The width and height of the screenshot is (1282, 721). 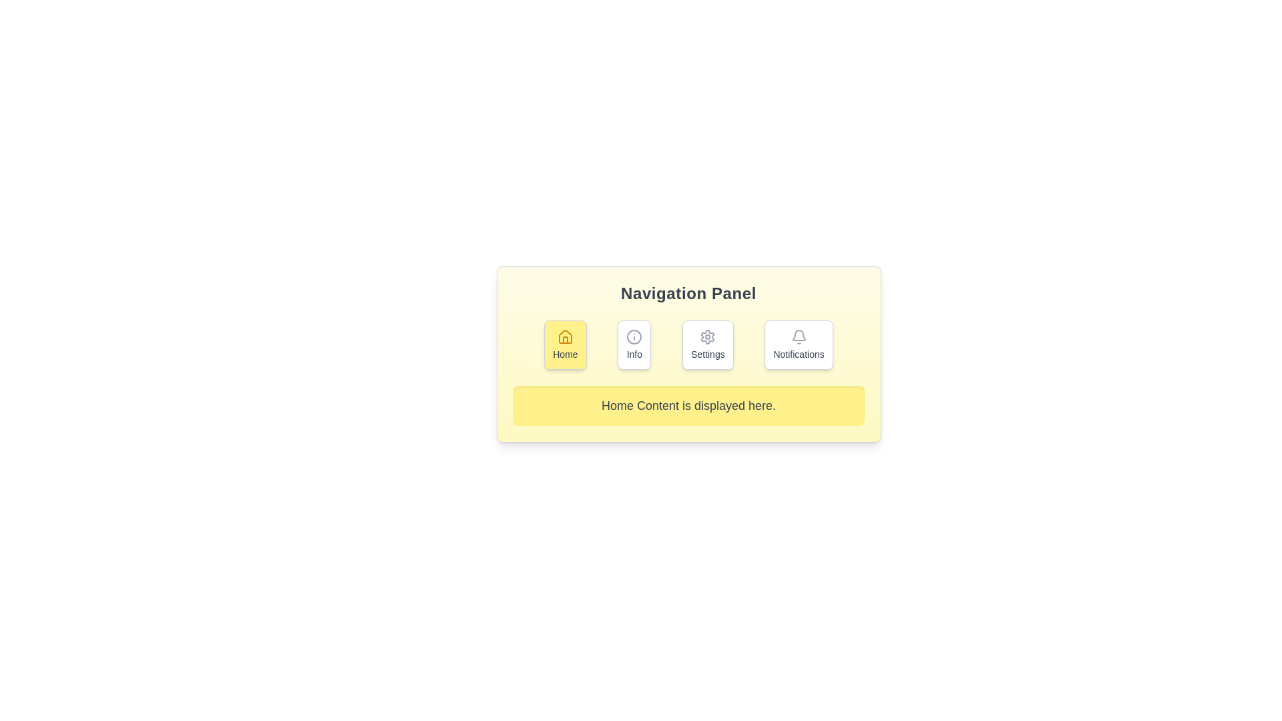 What do you see at coordinates (707, 344) in the screenshot?
I see `the Settings button, which is a square-shaped button with rounded corners, featuring a gray gear icon and the text 'Settings' below it` at bounding box center [707, 344].